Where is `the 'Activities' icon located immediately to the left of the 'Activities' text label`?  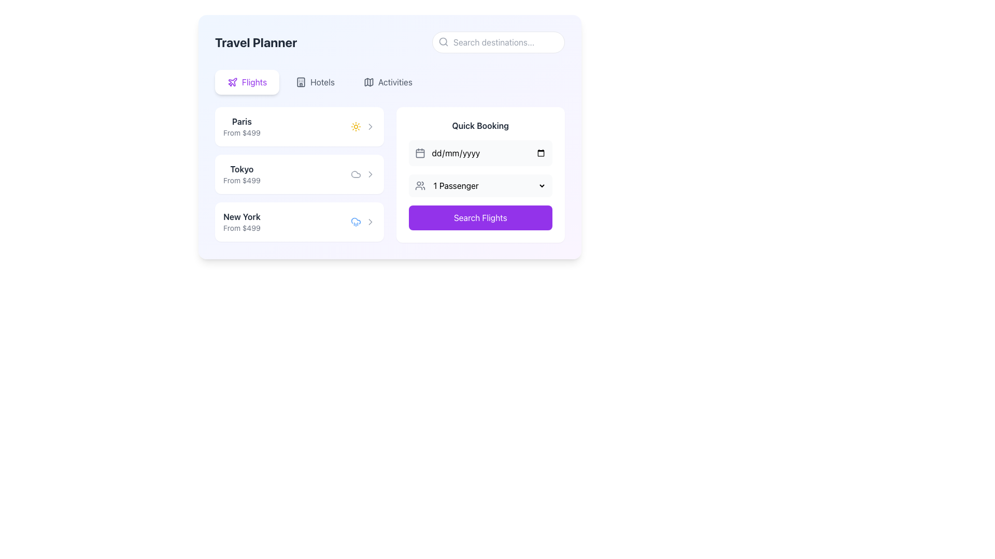 the 'Activities' icon located immediately to the left of the 'Activities' text label is located at coordinates (368, 81).